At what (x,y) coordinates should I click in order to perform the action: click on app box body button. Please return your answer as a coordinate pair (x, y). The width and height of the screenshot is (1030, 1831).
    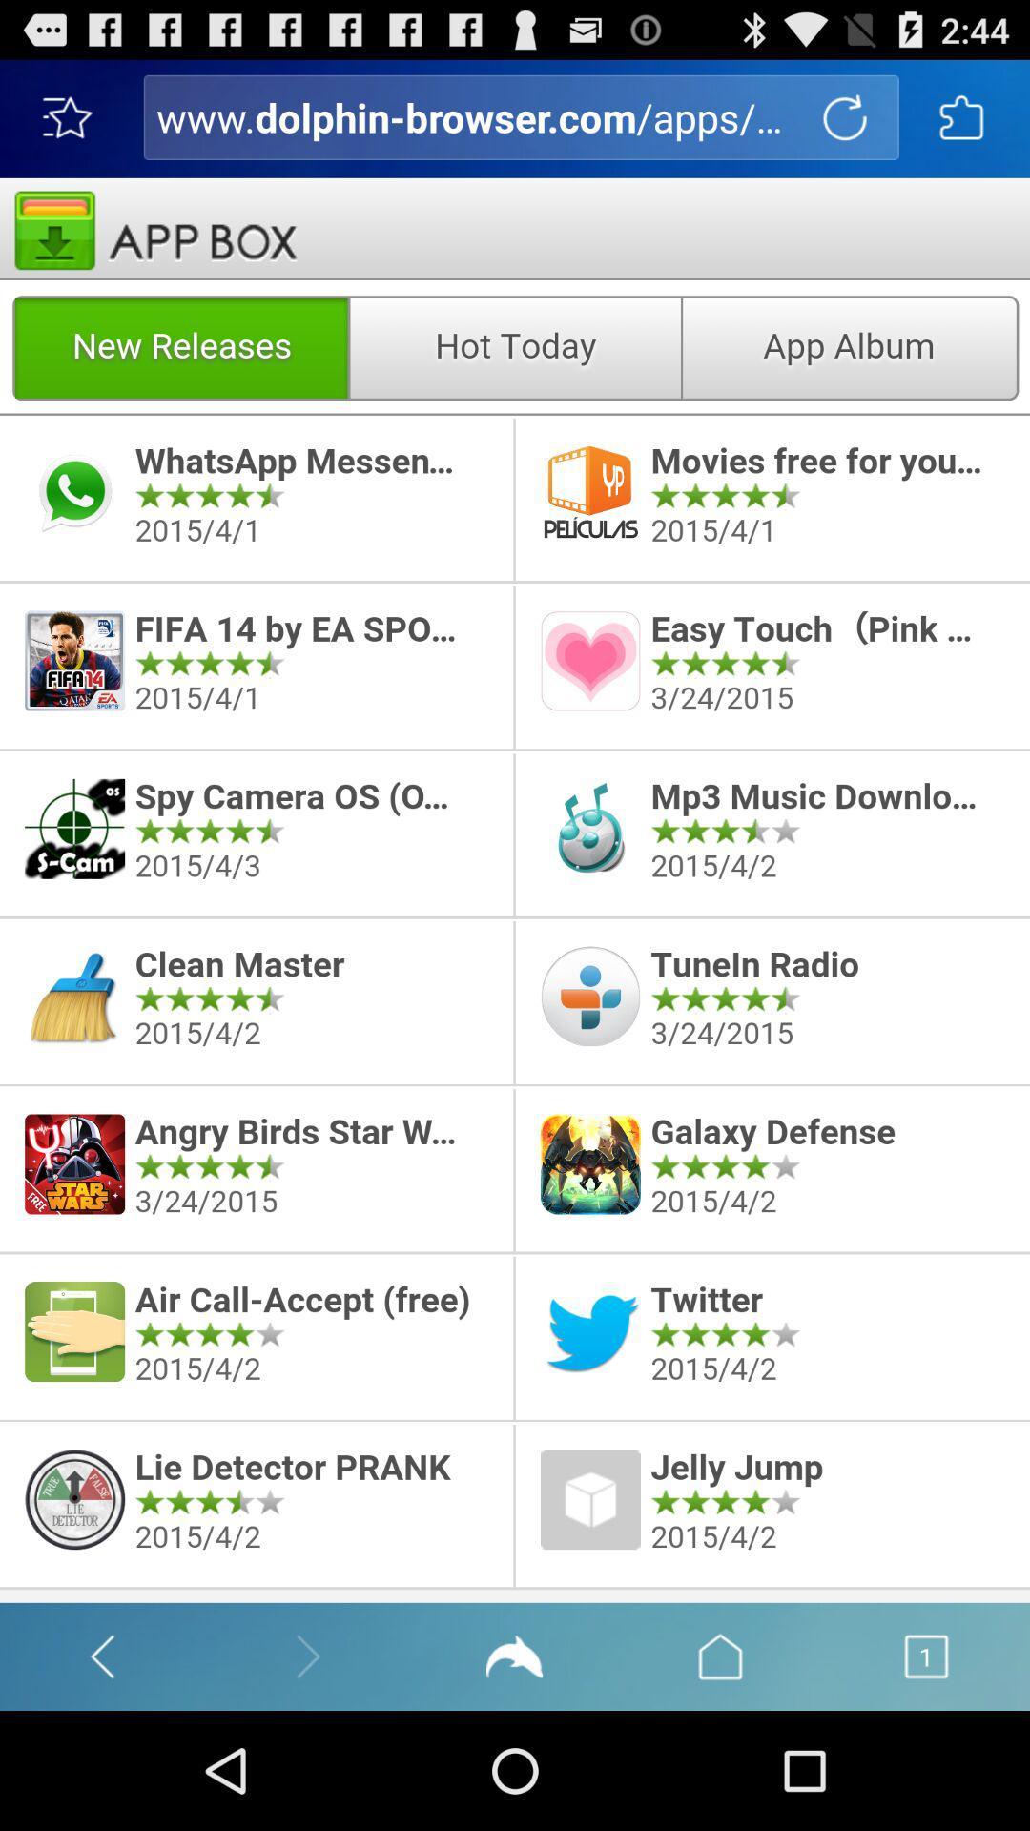
    Looking at the image, I should click on (515, 889).